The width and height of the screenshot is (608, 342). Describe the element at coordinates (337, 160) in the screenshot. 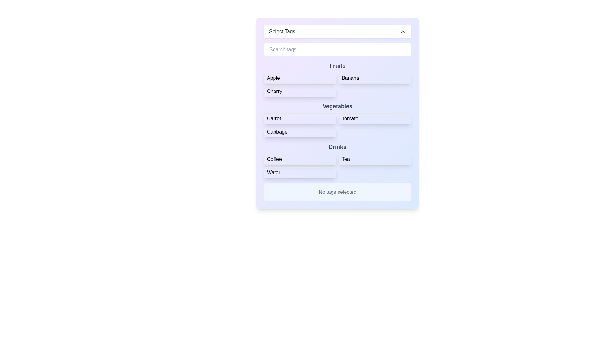

I see `the section labeled 'Drinks' which contains the interactive items Coffee, Tea, and Water` at that location.